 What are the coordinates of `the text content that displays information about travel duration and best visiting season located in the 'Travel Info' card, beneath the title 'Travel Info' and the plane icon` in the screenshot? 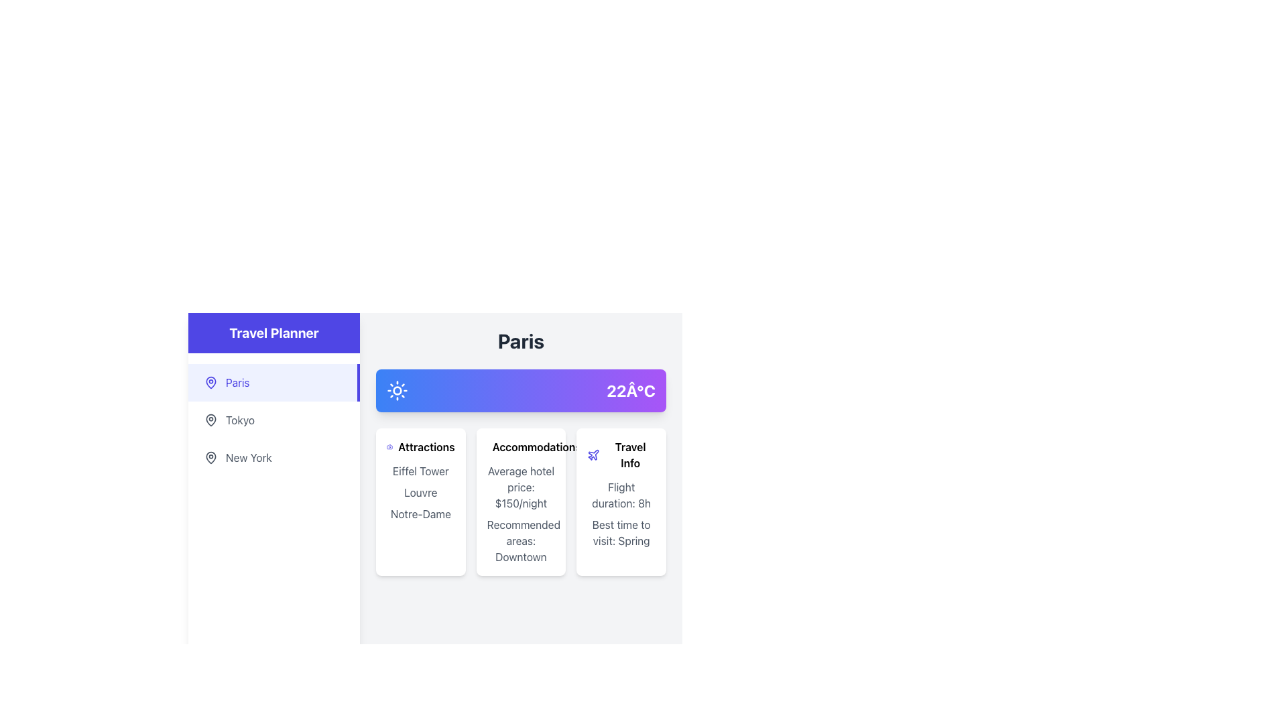 It's located at (621, 514).